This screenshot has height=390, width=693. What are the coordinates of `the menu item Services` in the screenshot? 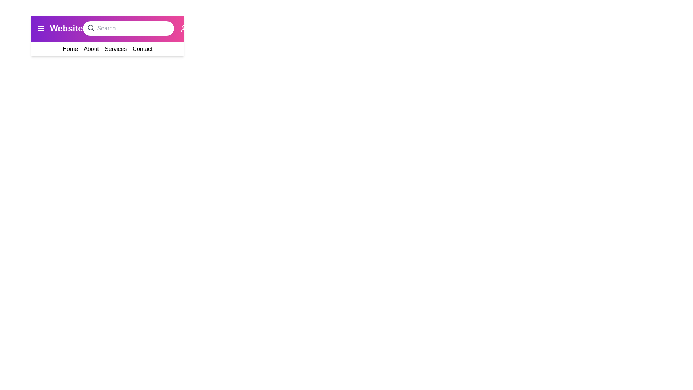 It's located at (115, 49).